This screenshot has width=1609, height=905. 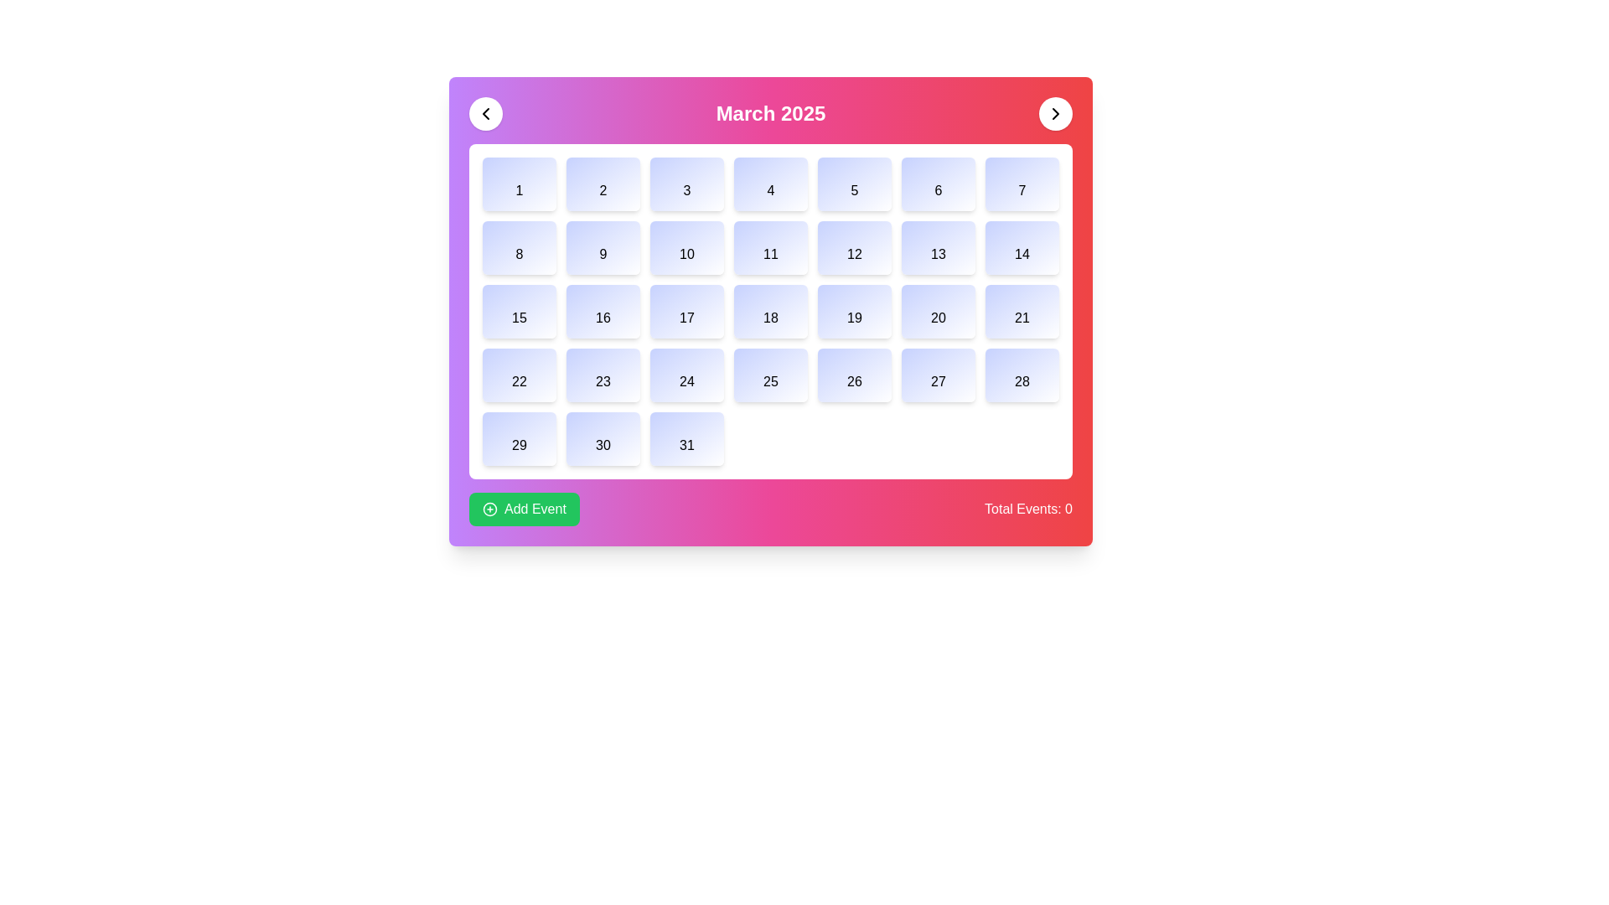 I want to click on the calendar day box displaying the number '8', so click(x=518, y=248).